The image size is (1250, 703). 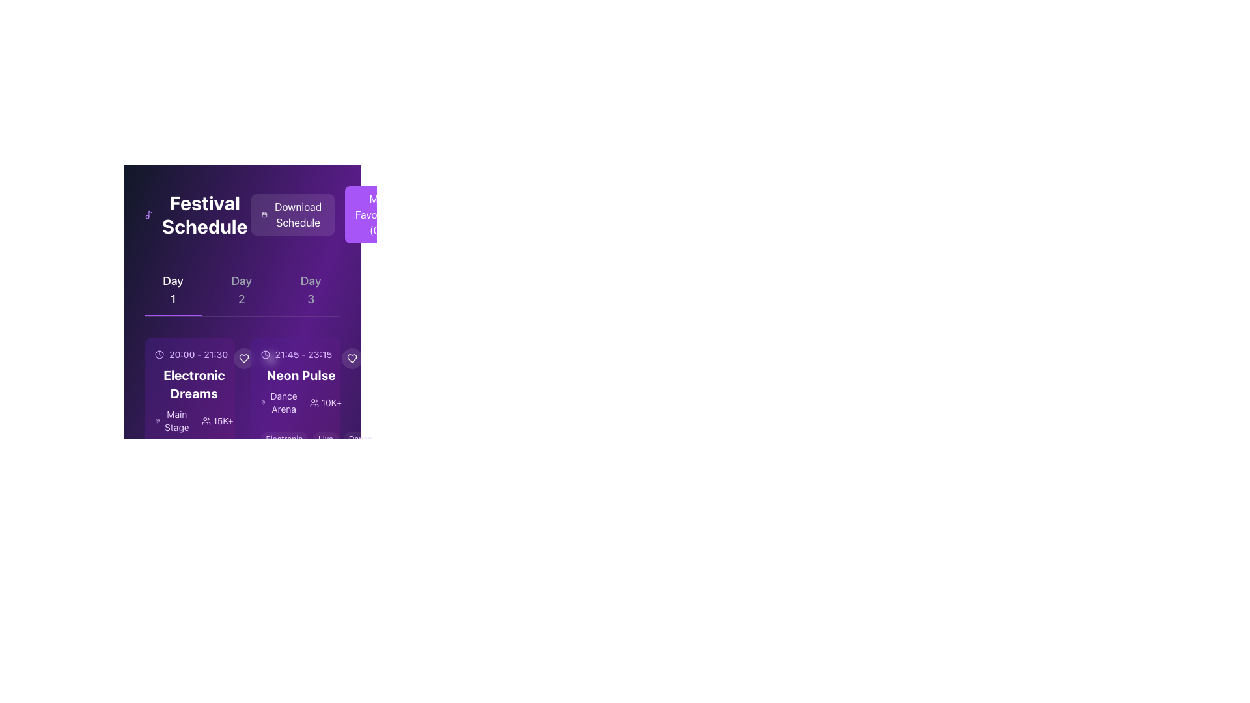 What do you see at coordinates (300, 402) in the screenshot?
I see `informational block containing details about the venue 'Dance Arena' and number of participants '10K+', located under the event schedule for 'Neon Pulse' on day 1` at bounding box center [300, 402].